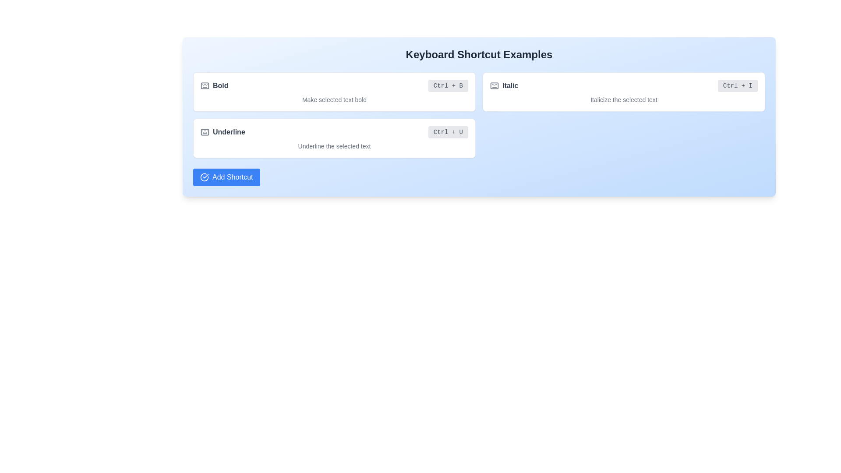  I want to click on the Text Label displaying 'Bold', which is located in the upper-left section of the interface, accompanied by a keyboard icon, so click(220, 86).